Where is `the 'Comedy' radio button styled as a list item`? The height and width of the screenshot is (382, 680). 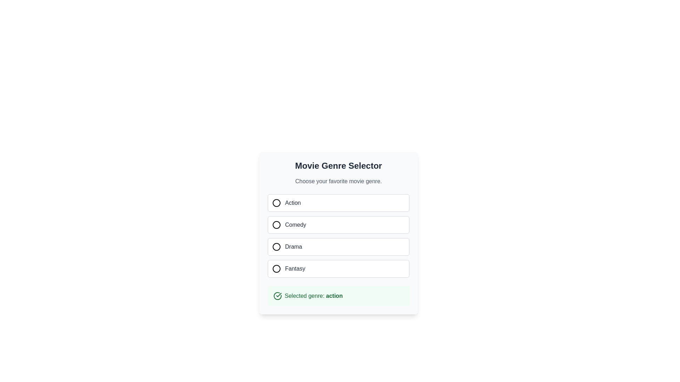 the 'Comedy' radio button styled as a list item is located at coordinates (338, 233).